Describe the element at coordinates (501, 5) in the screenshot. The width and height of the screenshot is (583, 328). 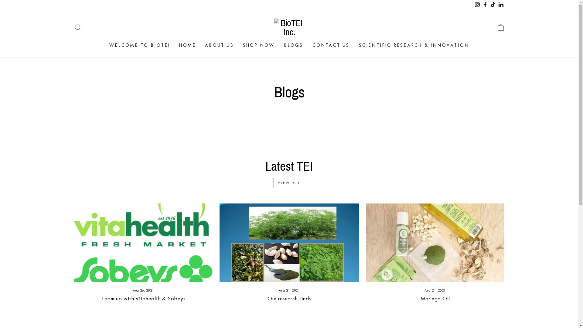
I see `'LinkedIn'` at that location.